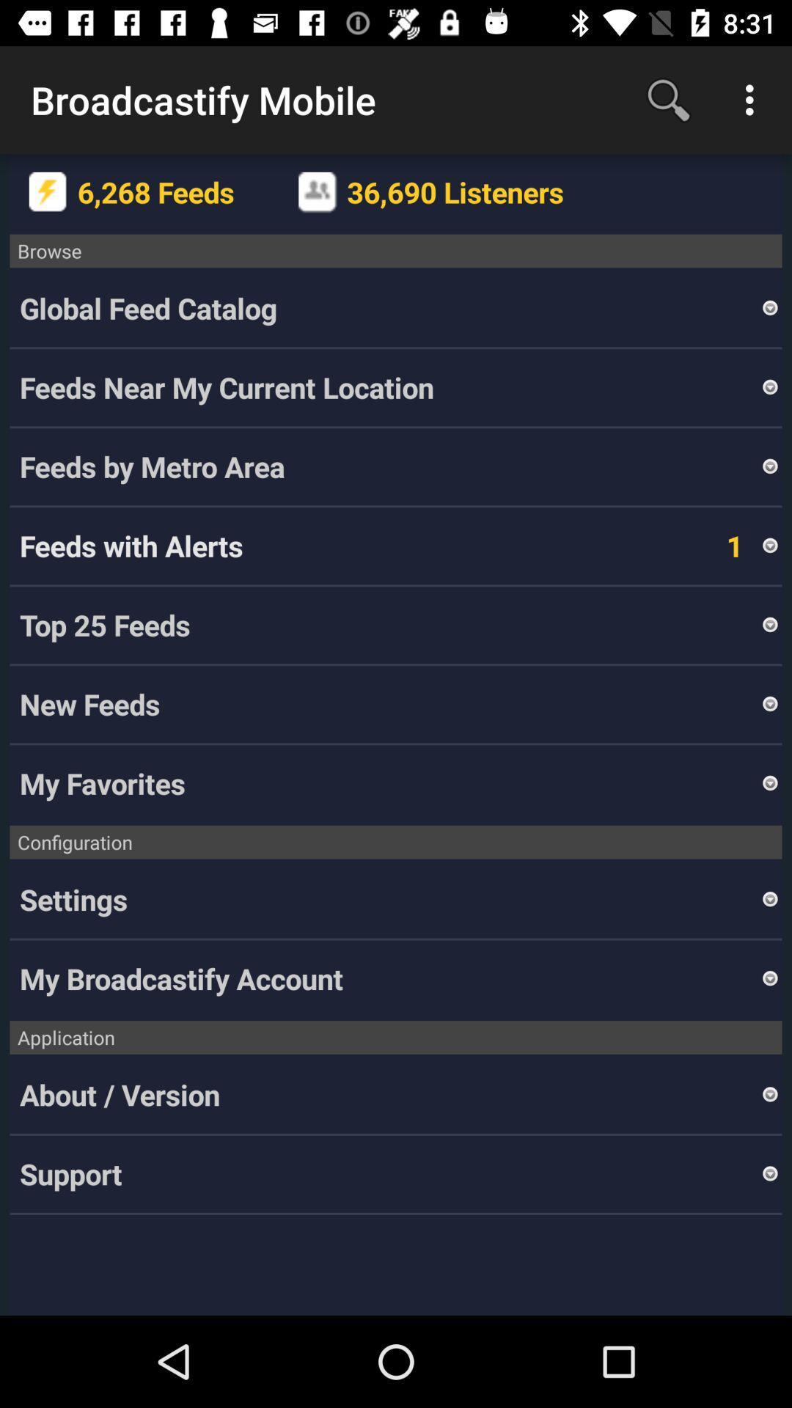  I want to click on the item above the new feeds item, so click(769, 625).